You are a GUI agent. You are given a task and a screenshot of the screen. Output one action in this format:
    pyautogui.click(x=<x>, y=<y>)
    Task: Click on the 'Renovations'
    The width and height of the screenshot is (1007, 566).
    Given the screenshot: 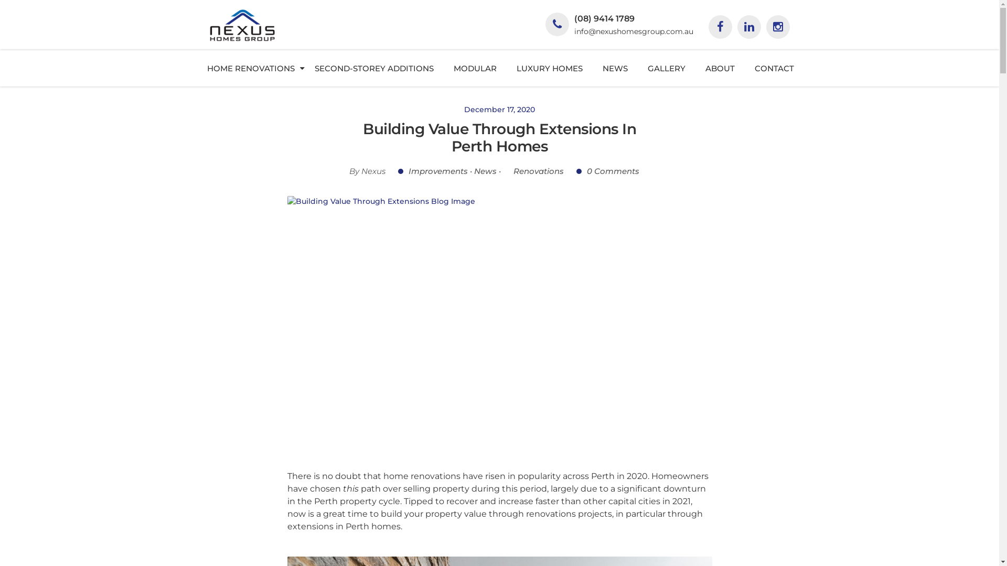 What is the action you would take?
    pyautogui.click(x=533, y=170)
    